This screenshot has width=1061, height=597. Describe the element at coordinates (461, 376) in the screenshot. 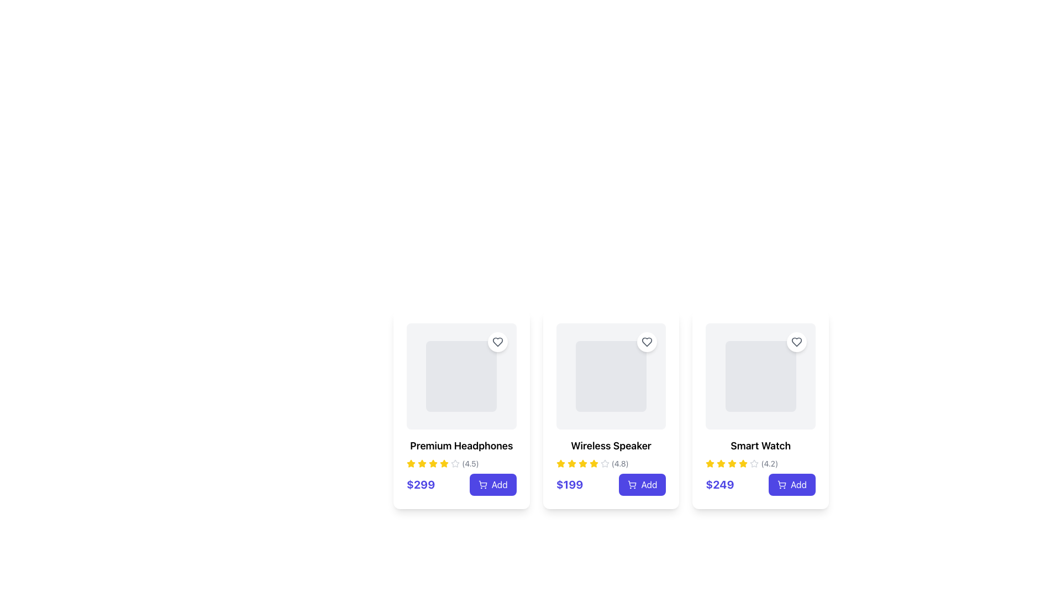

I see `the image placeholder for the 'Premium Headphones' product` at that location.